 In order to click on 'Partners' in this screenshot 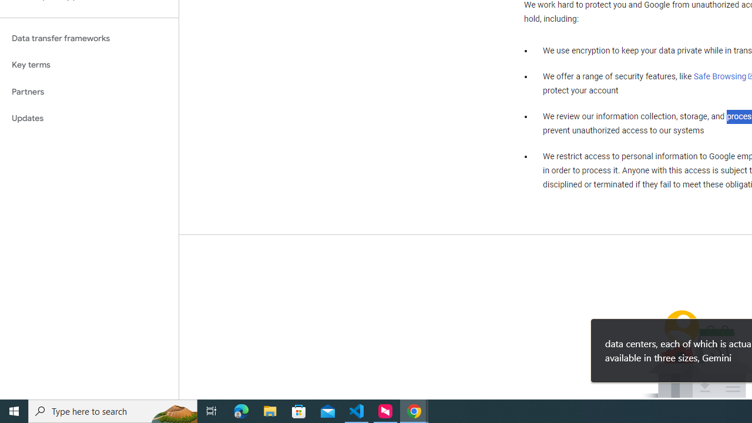, I will do `click(89, 91)`.